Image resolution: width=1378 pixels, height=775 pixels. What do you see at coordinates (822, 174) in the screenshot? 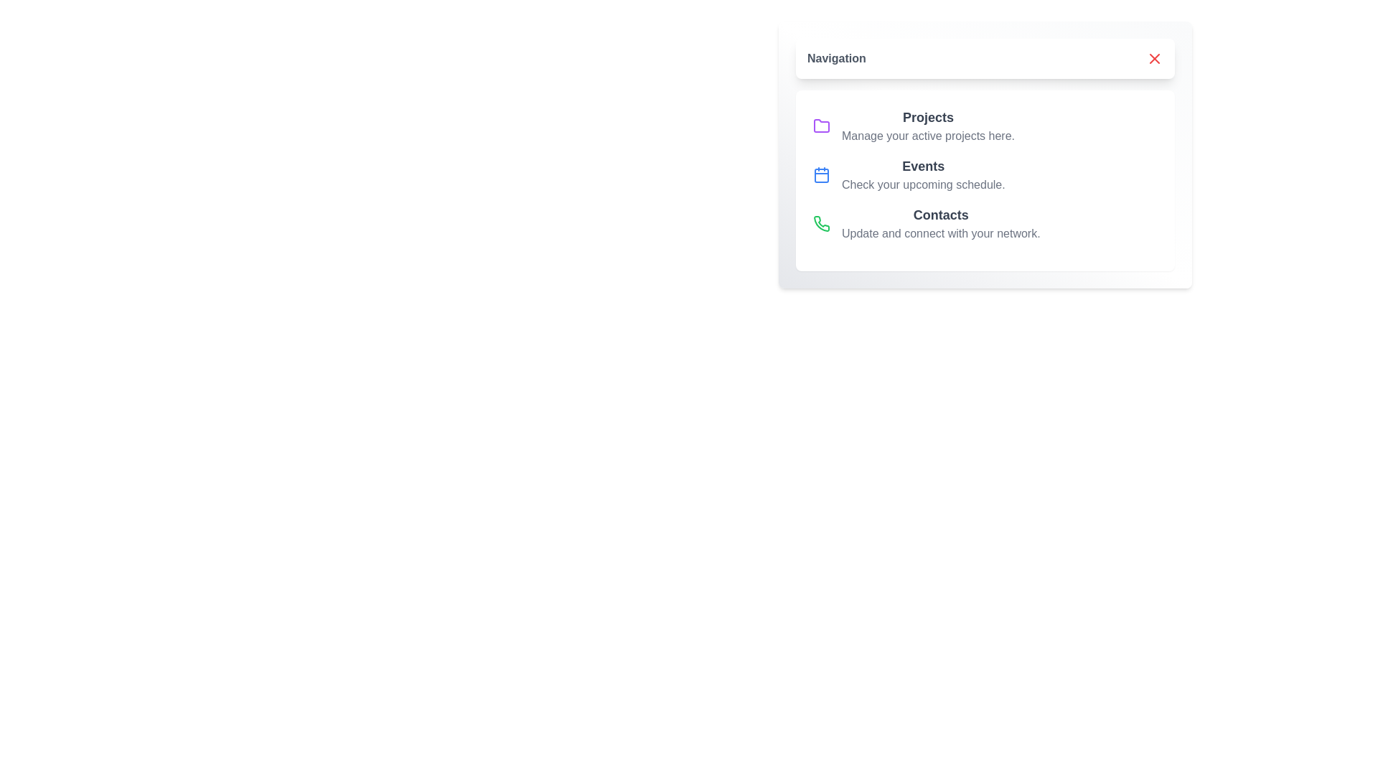
I see `the icon next to the menu item Events` at bounding box center [822, 174].